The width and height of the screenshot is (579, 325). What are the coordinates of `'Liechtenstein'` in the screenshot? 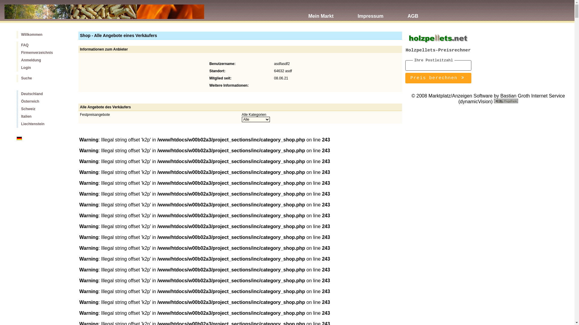 It's located at (16, 124).